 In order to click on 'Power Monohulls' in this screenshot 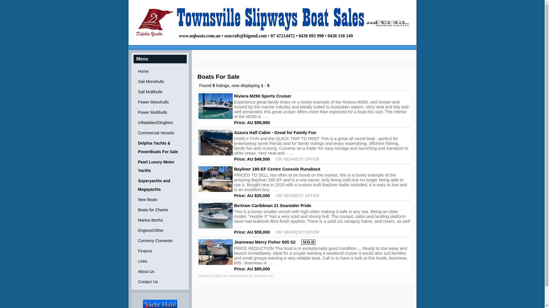, I will do `click(160, 102)`.